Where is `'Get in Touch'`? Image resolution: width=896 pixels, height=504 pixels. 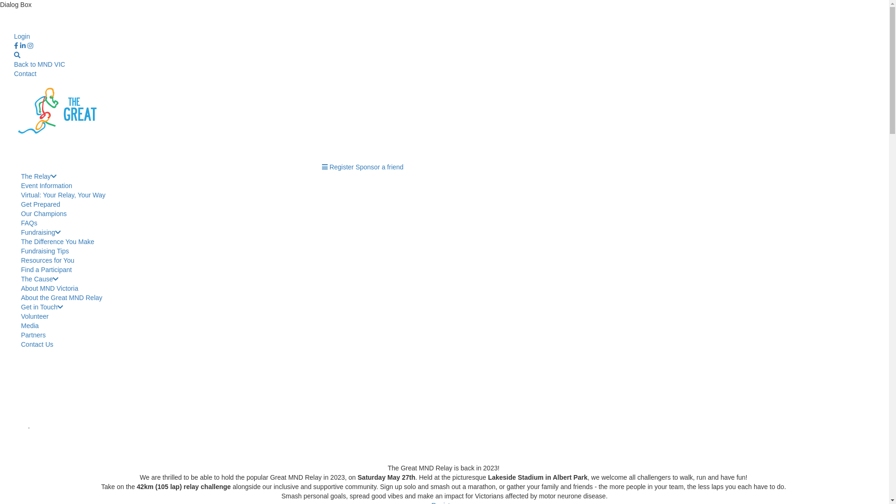
'Get in Touch' is located at coordinates (42, 307).